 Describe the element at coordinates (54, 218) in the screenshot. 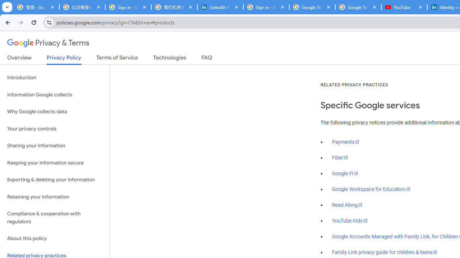

I see `'Compliance & cooperation with regulators'` at that location.